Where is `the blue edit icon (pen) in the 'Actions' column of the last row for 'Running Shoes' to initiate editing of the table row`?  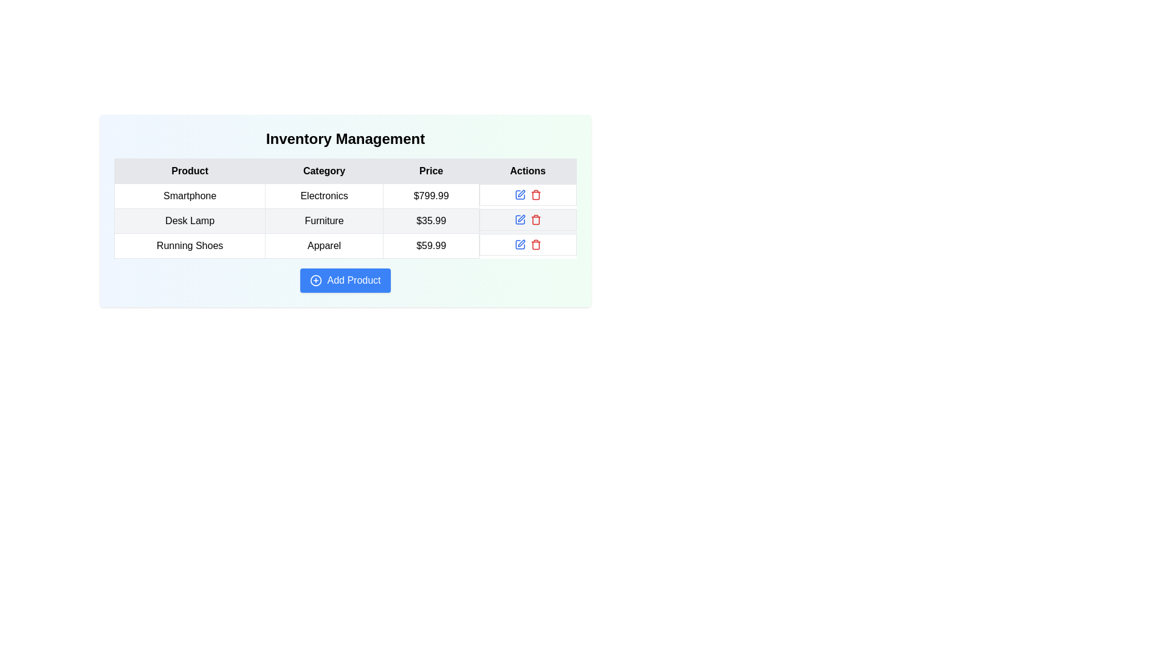 the blue edit icon (pen) in the 'Actions' column of the last row for 'Running Shoes' to initiate editing of the table row is located at coordinates (522, 243).